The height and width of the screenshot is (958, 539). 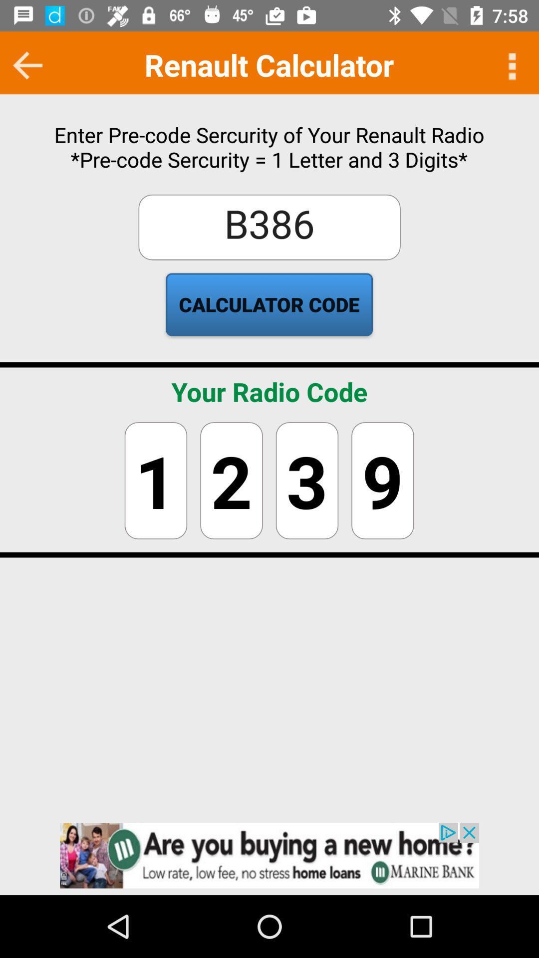 I want to click on the arrow_backward icon, so click(x=27, y=65).